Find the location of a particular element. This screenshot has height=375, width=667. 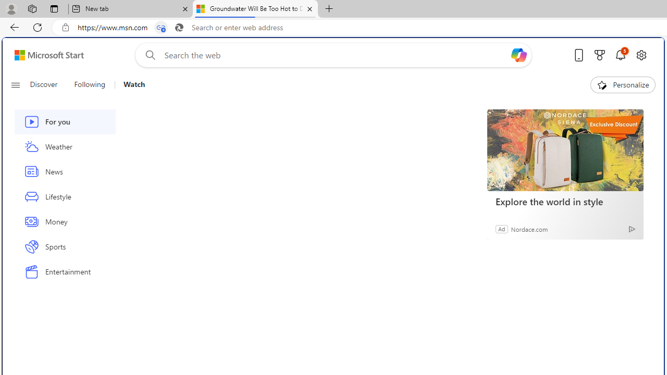

'Back' is located at coordinates (13, 27).